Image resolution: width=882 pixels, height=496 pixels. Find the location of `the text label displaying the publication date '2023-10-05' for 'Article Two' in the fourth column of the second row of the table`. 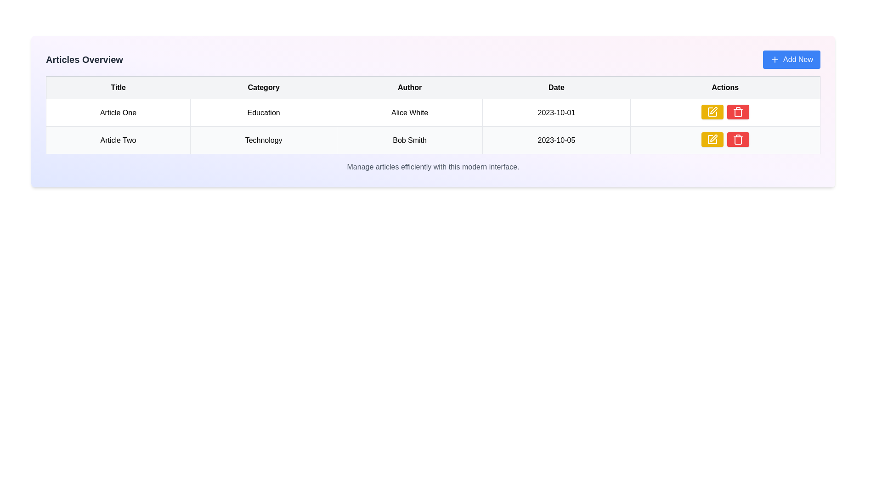

the text label displaying the publication date '2023-10-05' for 'Article Two' in the fourth column of the second row of the table is located at coordinates (556, 140).